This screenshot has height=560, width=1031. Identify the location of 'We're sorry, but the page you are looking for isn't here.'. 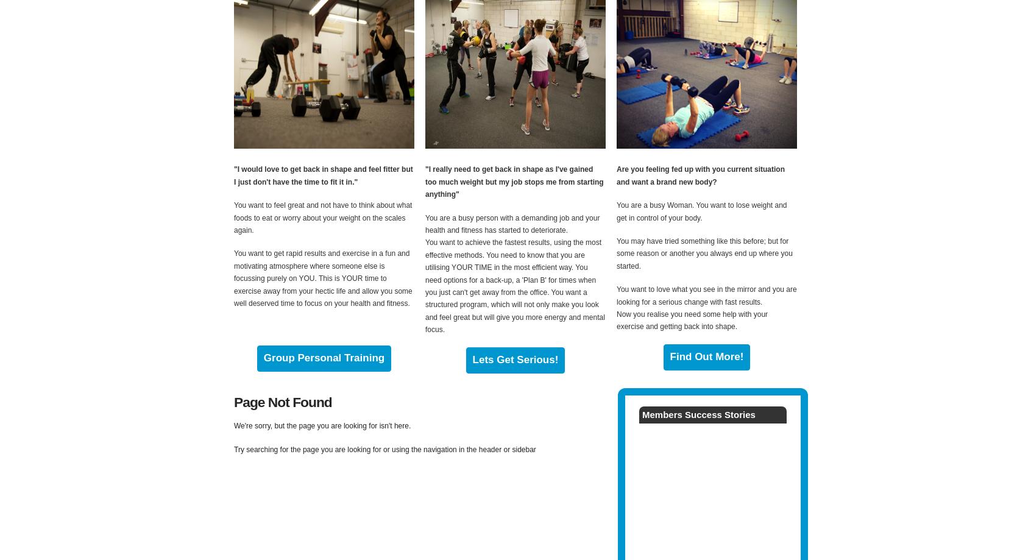
(322, 425).